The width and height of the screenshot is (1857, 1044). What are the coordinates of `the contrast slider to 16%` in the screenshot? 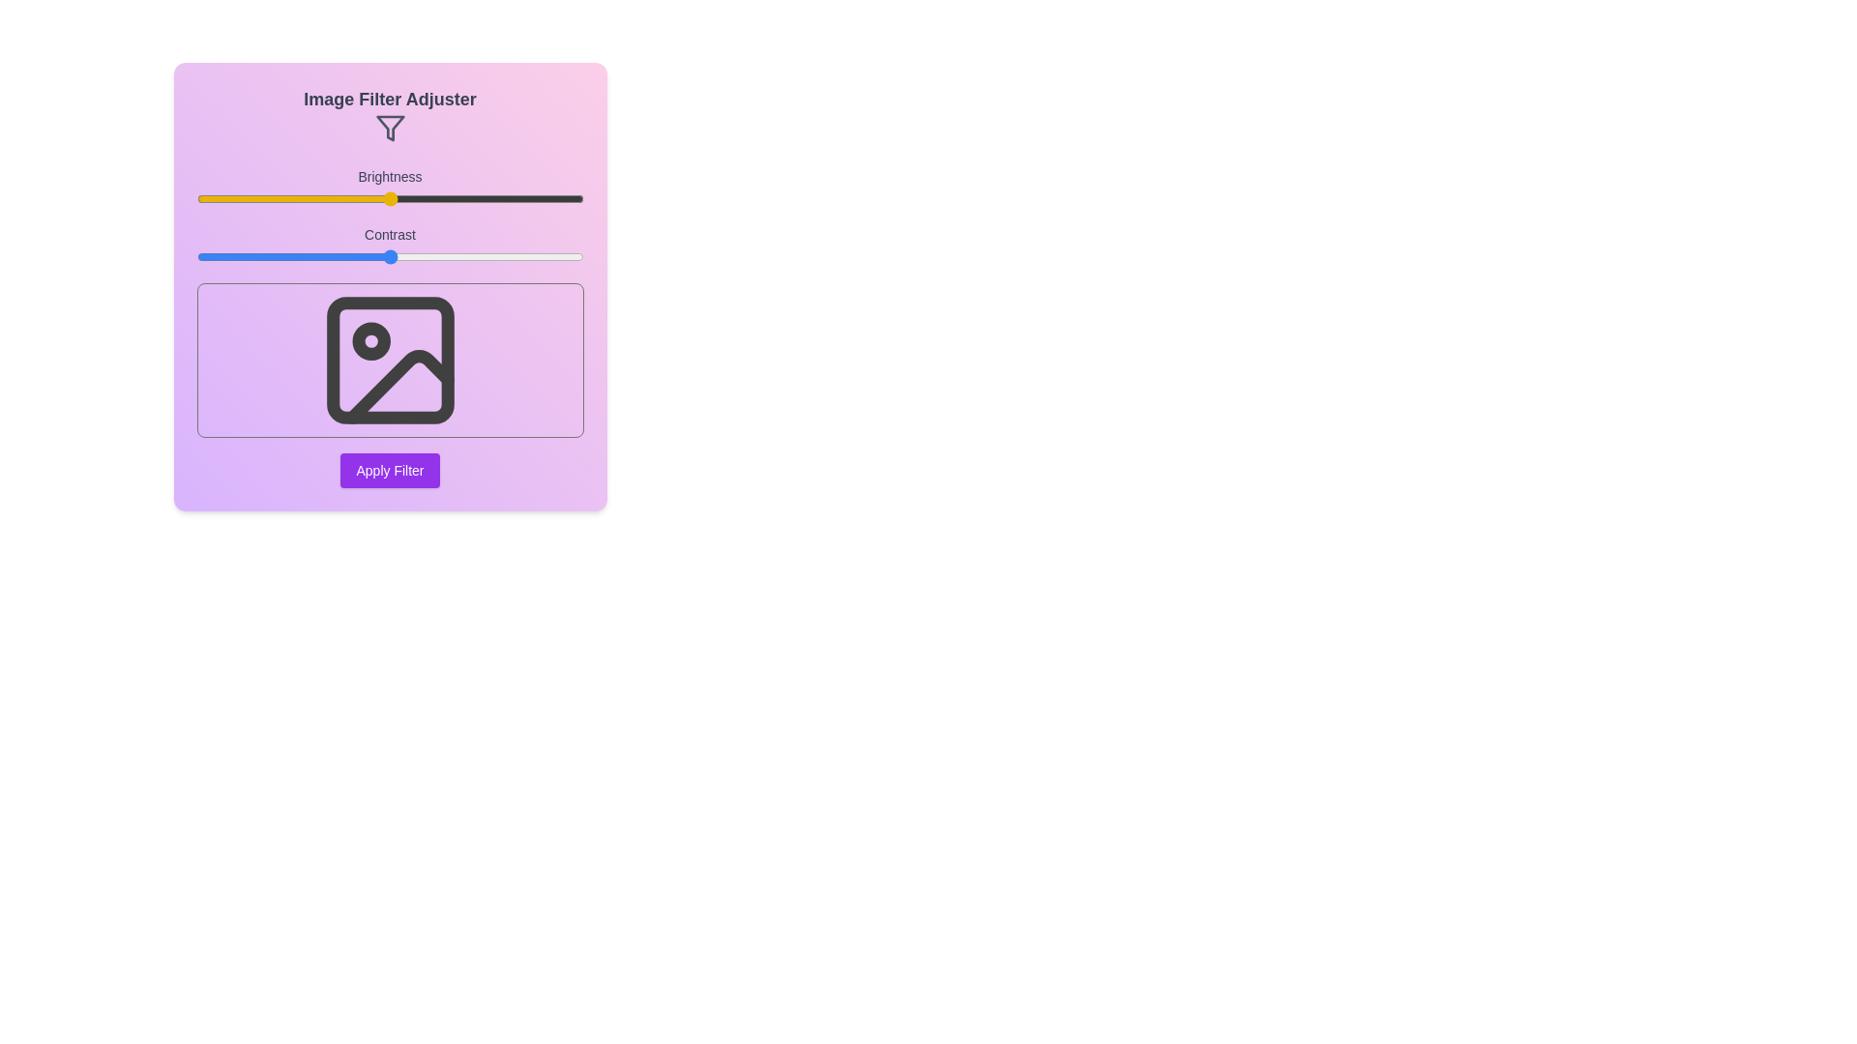 It's located at (257, 256).